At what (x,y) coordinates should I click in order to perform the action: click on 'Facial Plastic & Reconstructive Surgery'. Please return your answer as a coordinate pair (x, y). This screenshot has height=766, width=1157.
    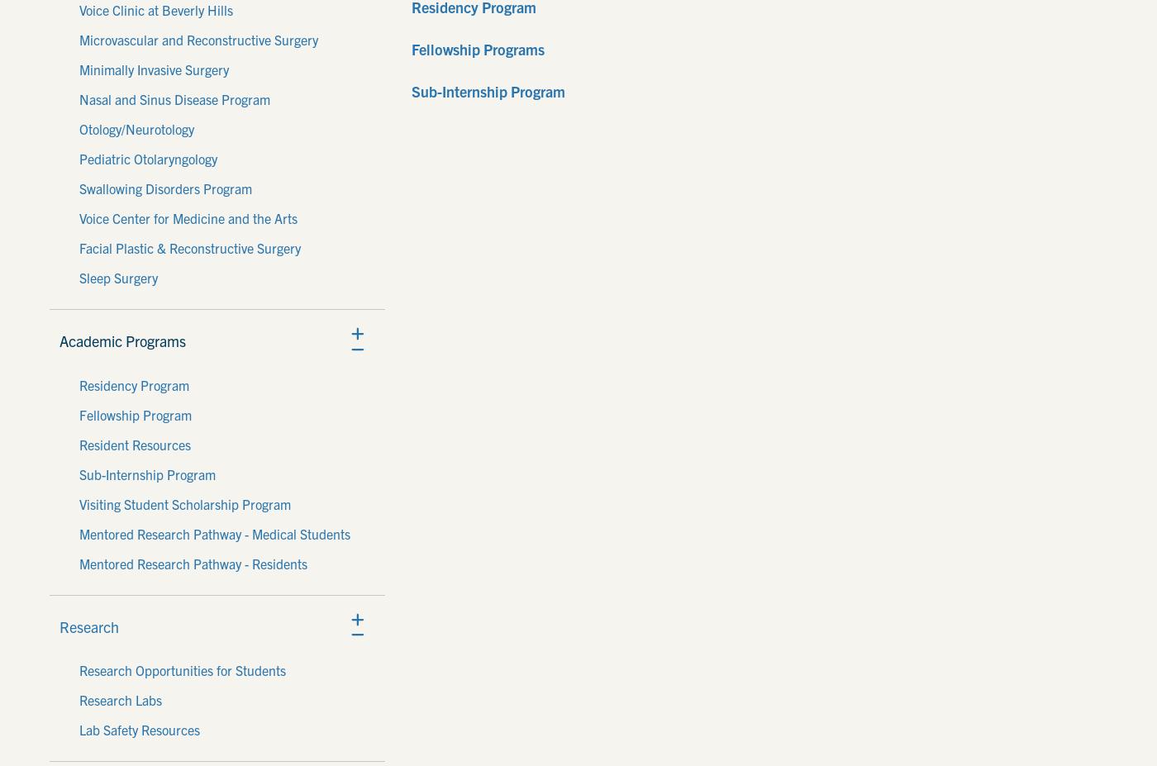
    Looking at the image, I should click on (190, 247).